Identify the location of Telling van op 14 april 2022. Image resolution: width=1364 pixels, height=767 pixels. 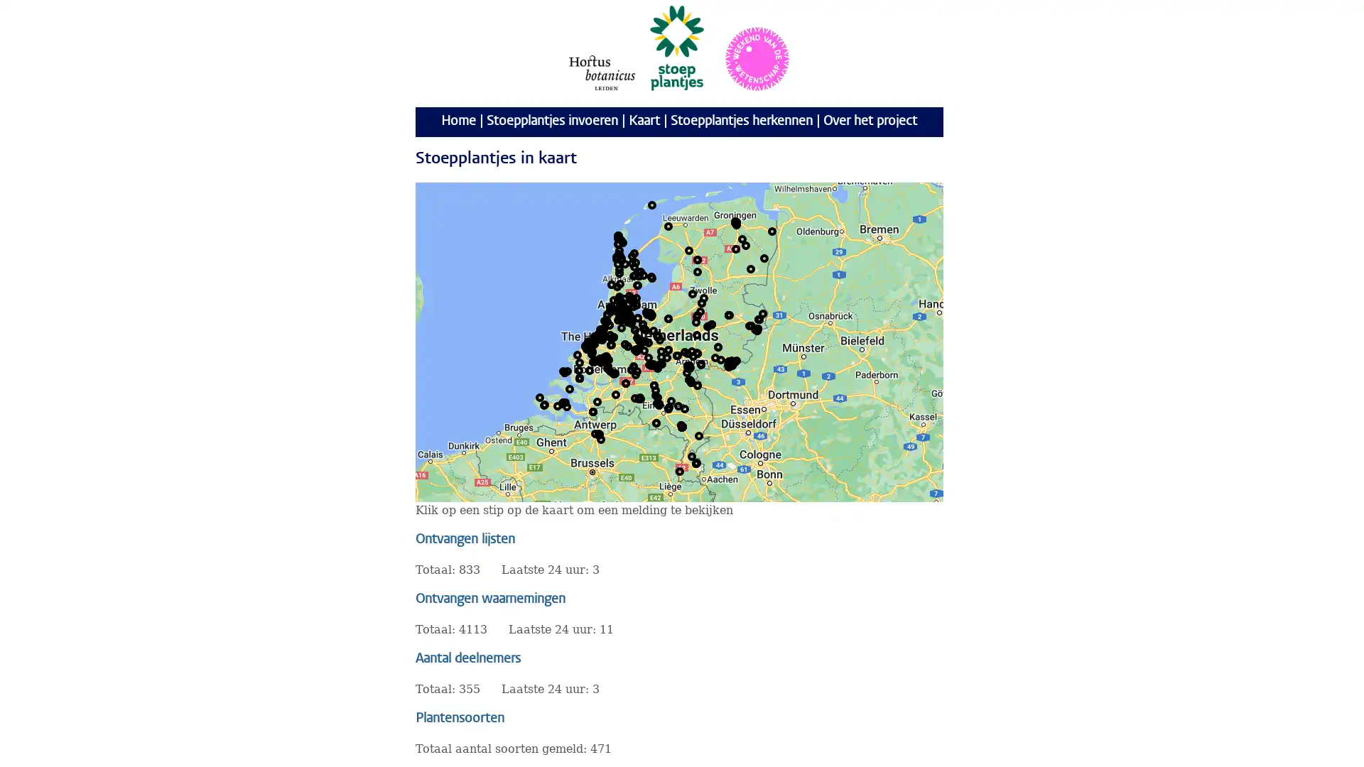
(627, 312).